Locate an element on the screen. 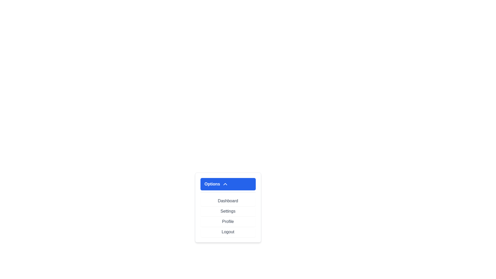  the menu item Settings by clicking on it is located at coordinates (228, 211).